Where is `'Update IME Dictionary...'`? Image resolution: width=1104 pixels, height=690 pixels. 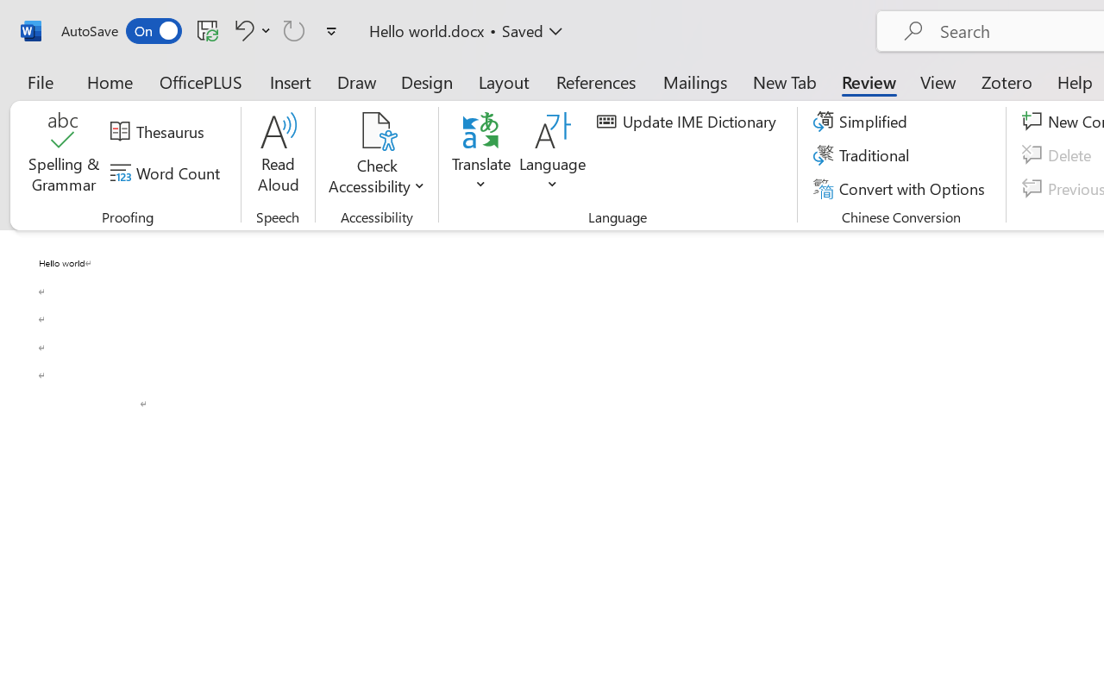
'Update IME Dictionary...' is located at coordinates (688, 122).